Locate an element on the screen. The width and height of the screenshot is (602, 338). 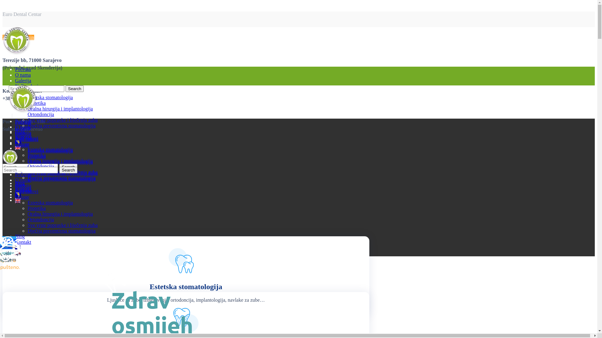
'Search' is located at coordinates (68, 166).